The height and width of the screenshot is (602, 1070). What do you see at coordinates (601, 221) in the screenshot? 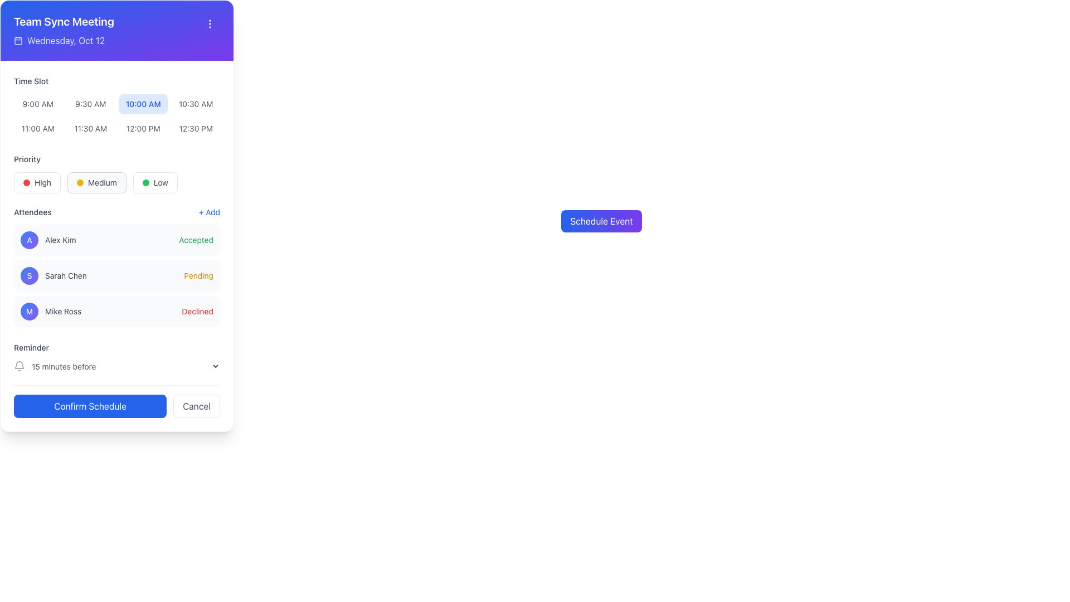
I see `the 'Schedule Event' button, which is a rectangular button with a gradient background from blue to violet and white text, to possibly see additional tooltip or visual feedback` at bounding box center [601, 221].